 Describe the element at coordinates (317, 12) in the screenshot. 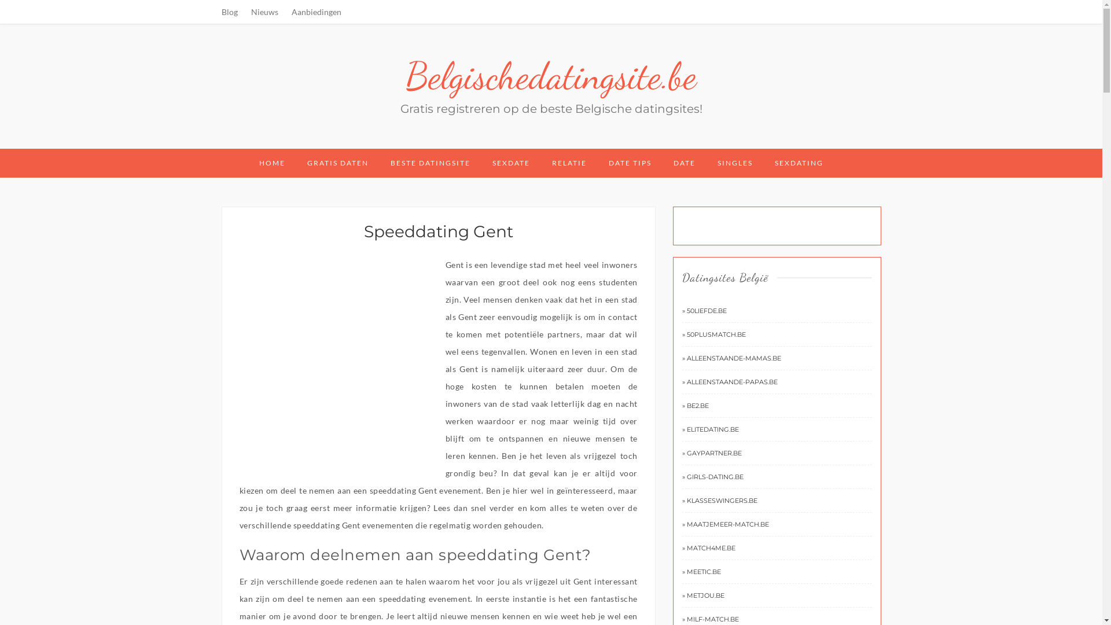

I see `'Aanbiedingen'` at that location.